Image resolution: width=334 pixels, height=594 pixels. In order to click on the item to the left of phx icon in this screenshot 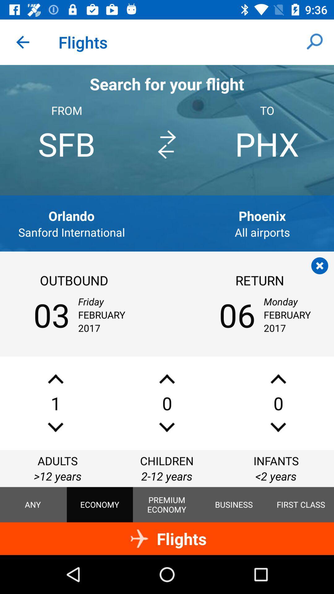, I will do `click(166, 144)`.